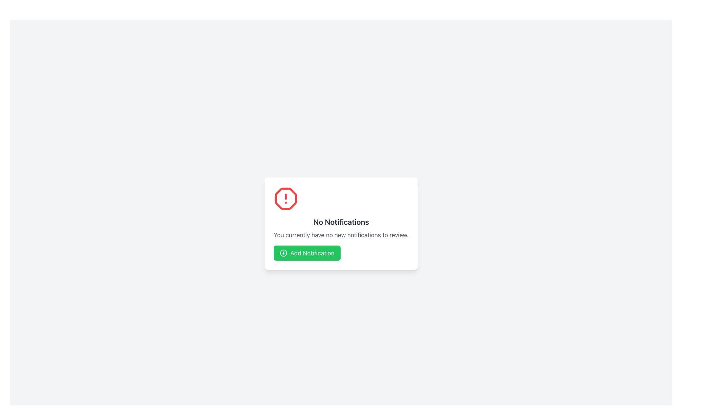  I want to click on the circular icon with a plus sign in the center, which has a green background and a white border, located on the left side of the 'Add Notification' button, so click(283, 253).